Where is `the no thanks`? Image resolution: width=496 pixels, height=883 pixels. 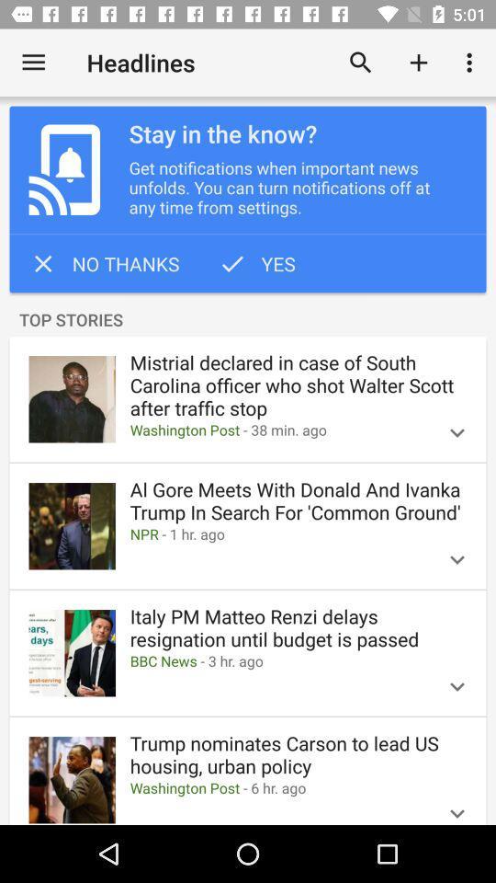 the no thanks is located at coordinates (104, 262).